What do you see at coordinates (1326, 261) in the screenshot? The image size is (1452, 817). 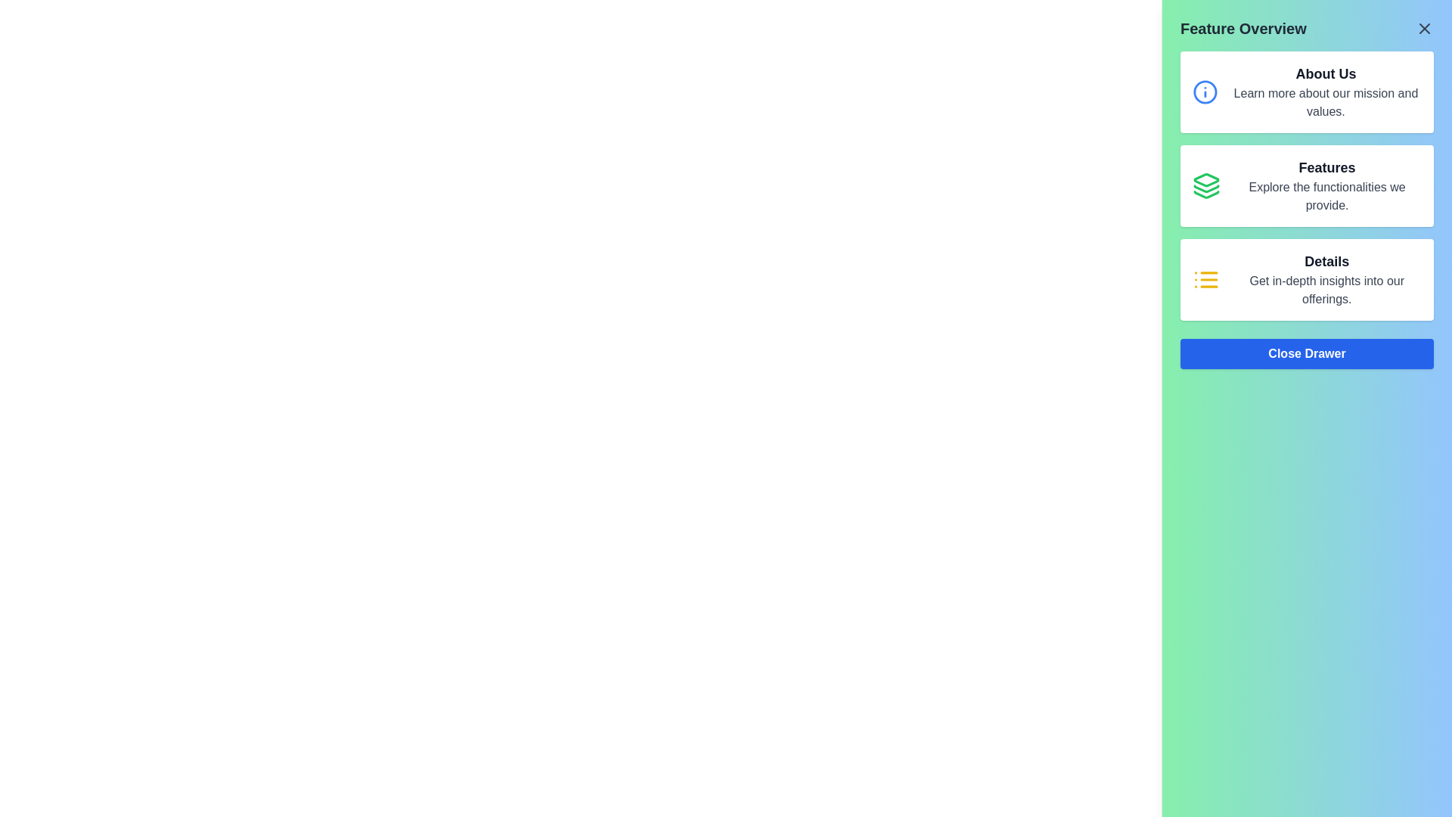 I see `the title text that indicates the subject or category of the associated content, located within a card in the right-side panel` at bounding box center [1326, 261].